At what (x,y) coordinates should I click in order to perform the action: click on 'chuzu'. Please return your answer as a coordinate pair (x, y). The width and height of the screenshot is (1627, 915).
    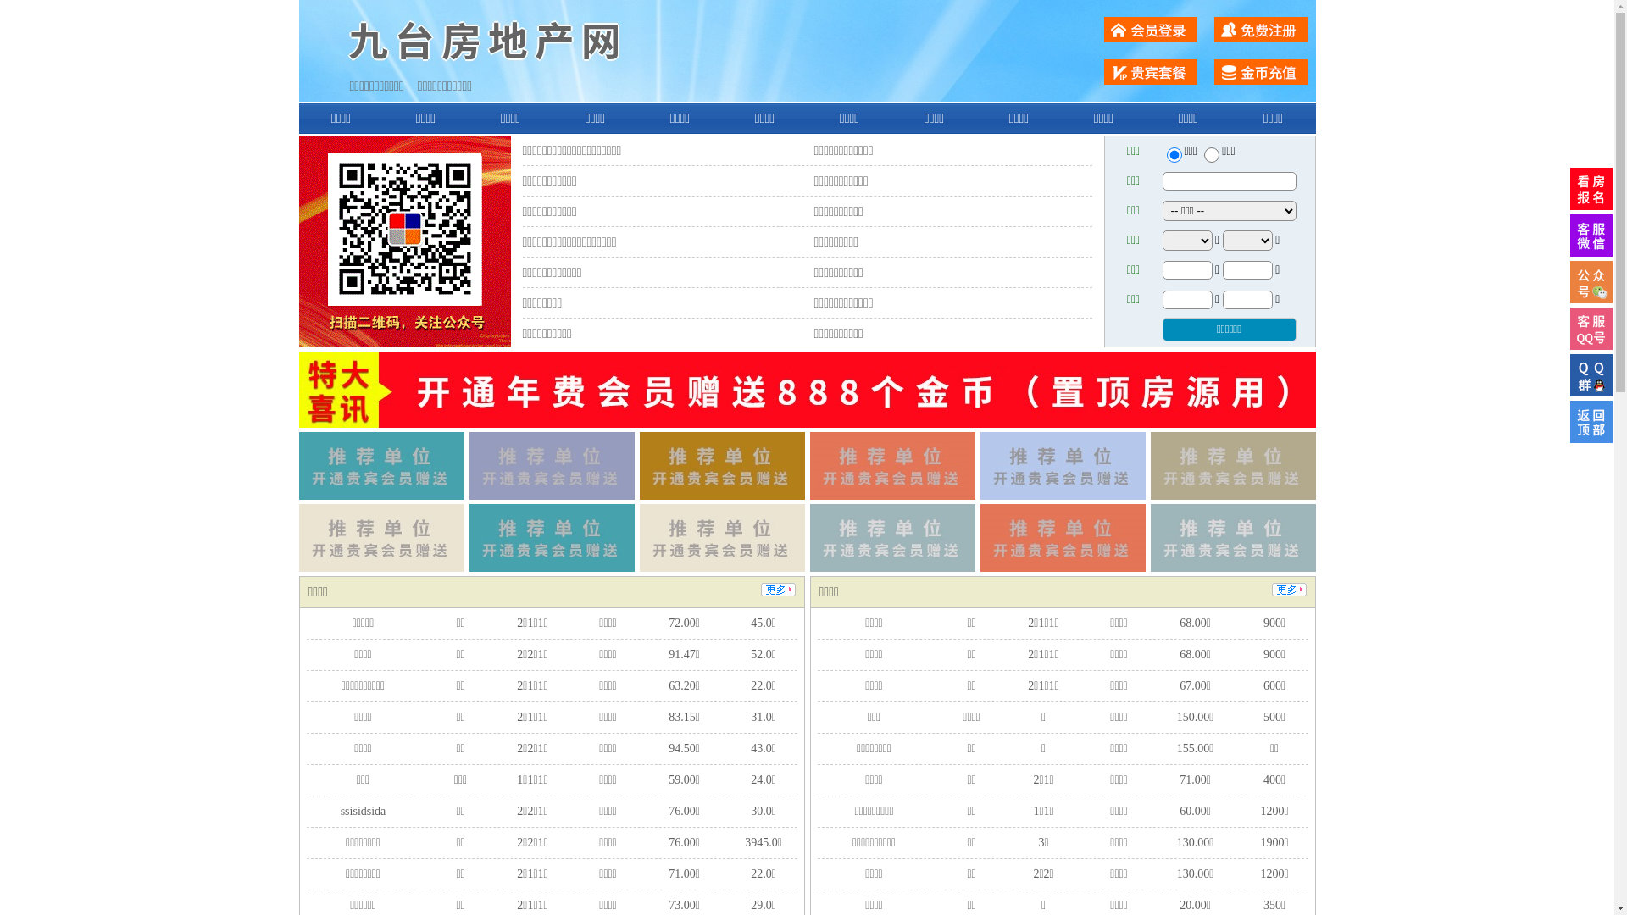
    Looking at the image, I should click on (1211, 154).